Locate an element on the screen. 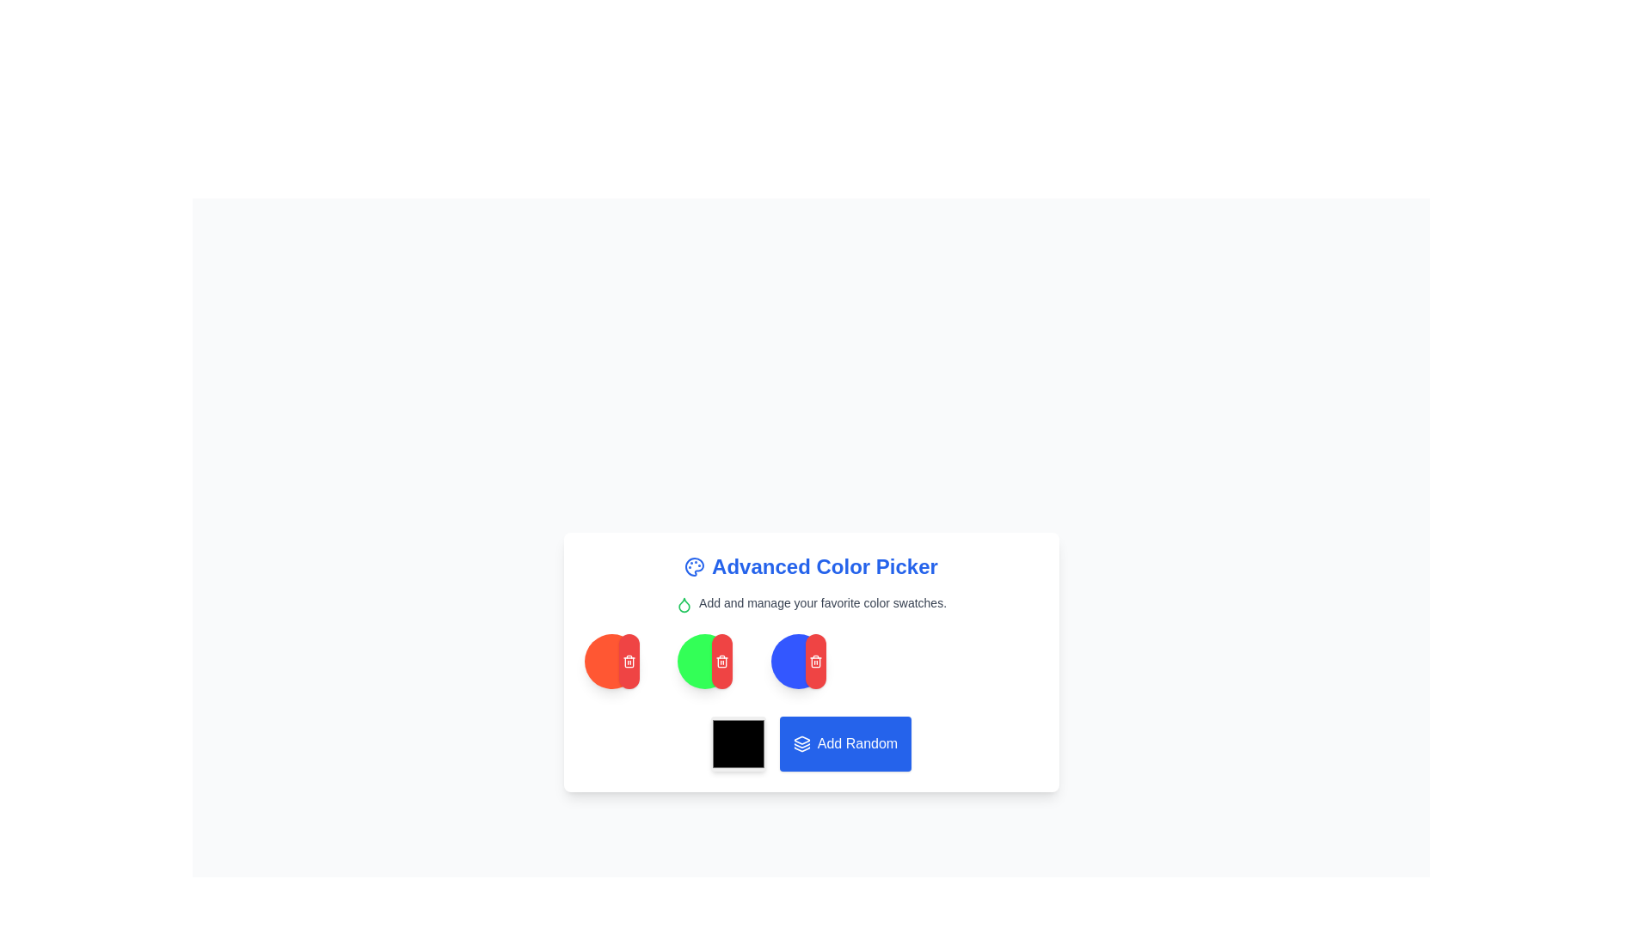 This screenshot has height=928, width=1651. the red circular delete button with a trash can icon located to the right of the leftmost colored swatch in the group of three swatches is located at coordinates (628, 660).